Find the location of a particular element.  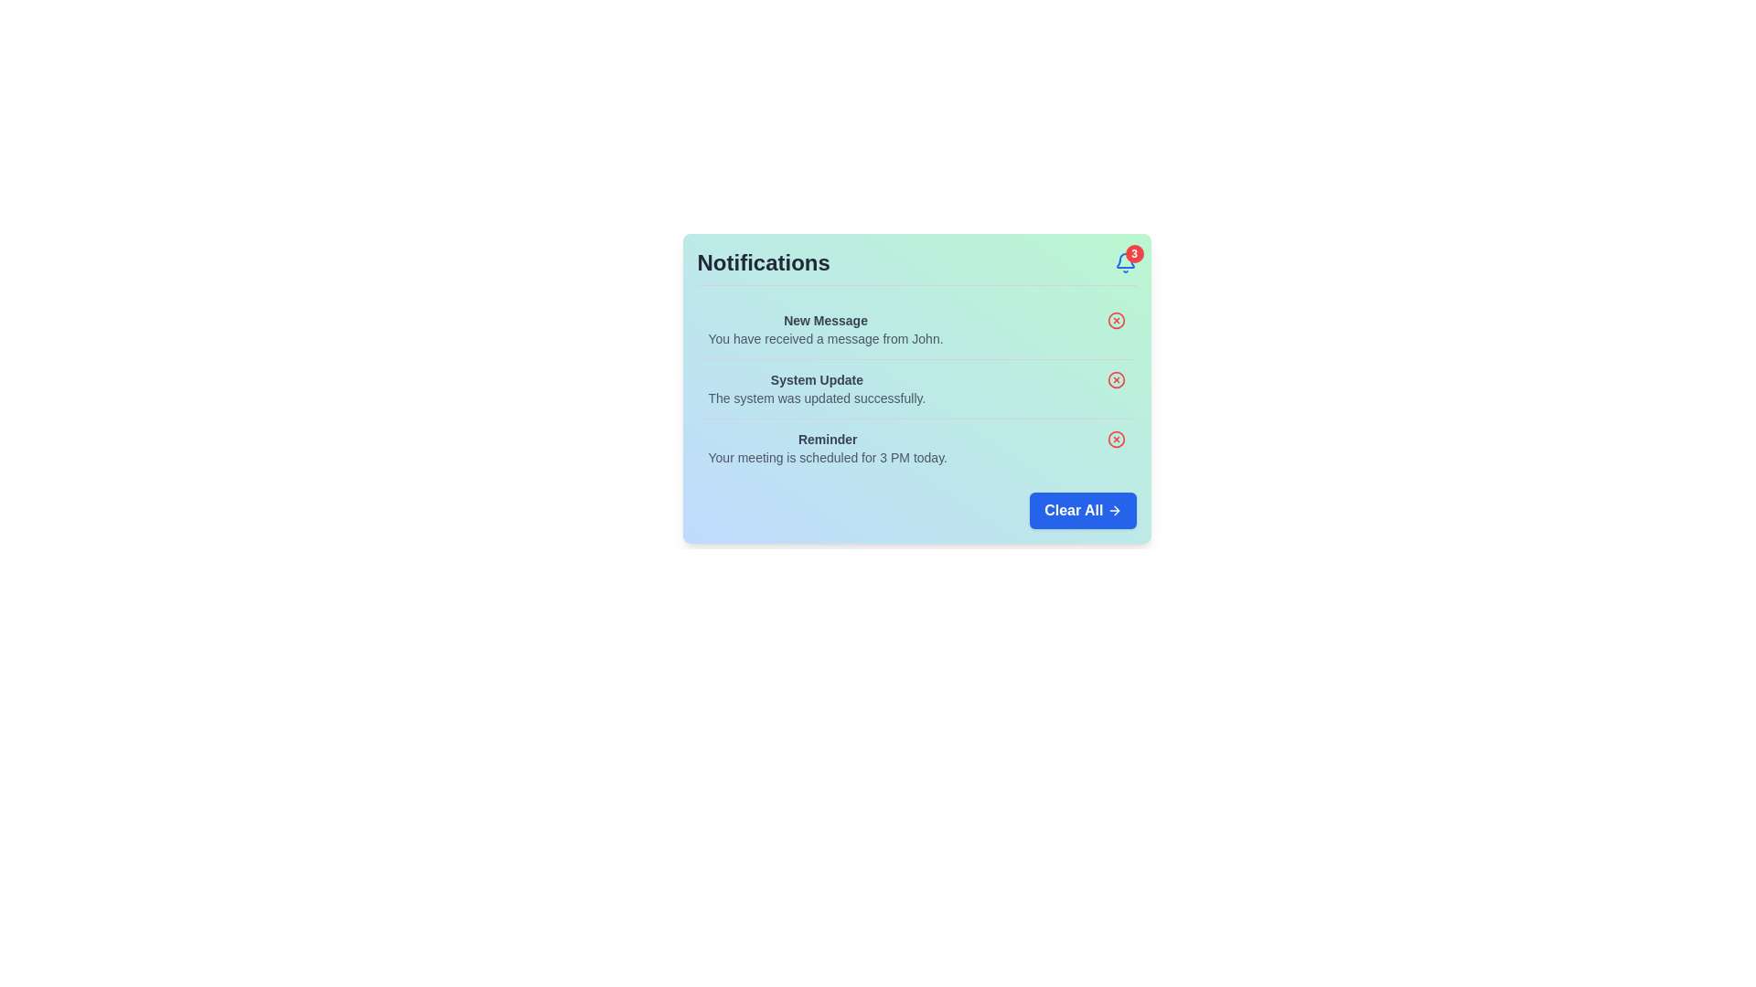

the circular border of the dismiss icon, which is the second action button in the Notifications panel is located at coordinates (1115, 379).